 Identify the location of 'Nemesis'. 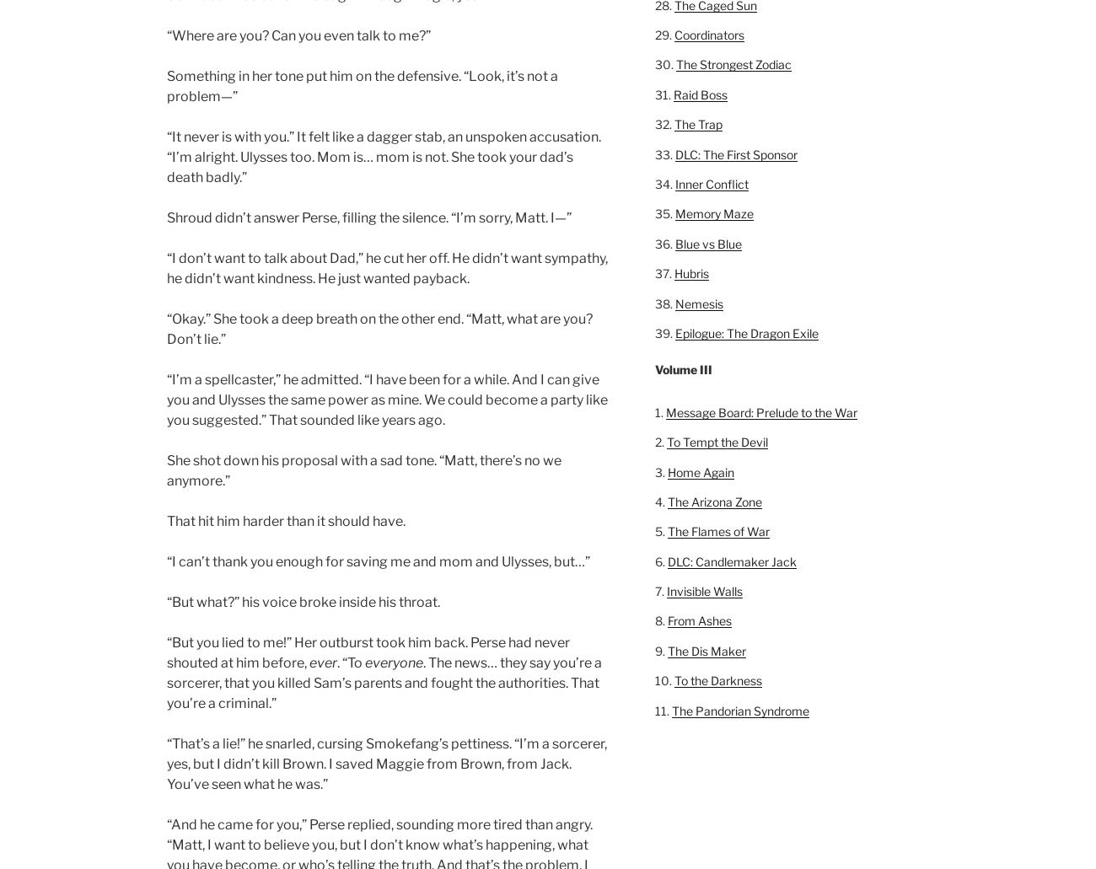
(698, 302).